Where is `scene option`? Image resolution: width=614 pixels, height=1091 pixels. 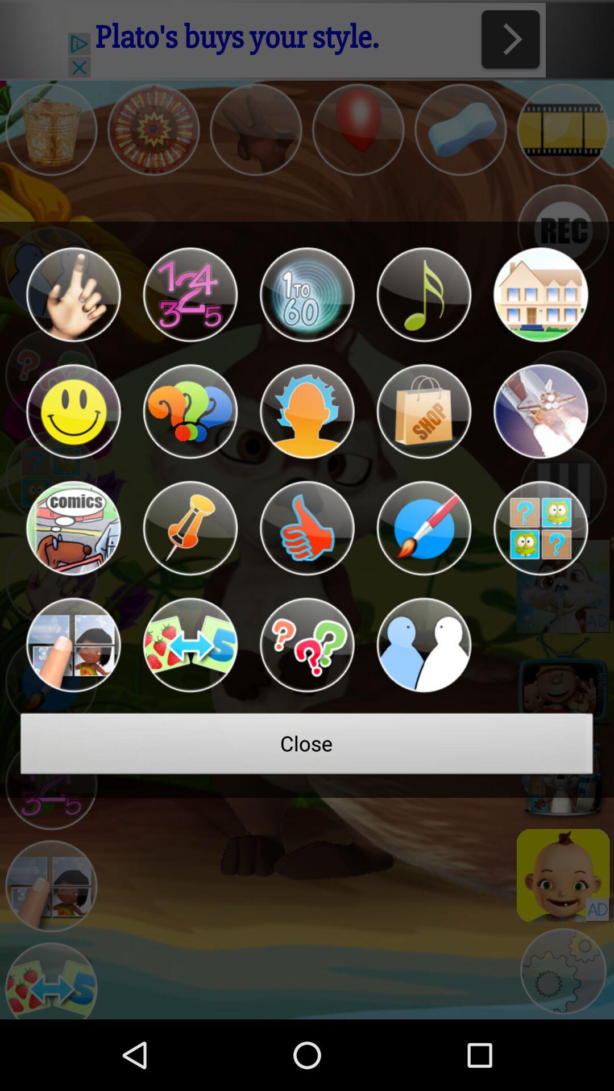
scene option is located at coordinates (540, 411).